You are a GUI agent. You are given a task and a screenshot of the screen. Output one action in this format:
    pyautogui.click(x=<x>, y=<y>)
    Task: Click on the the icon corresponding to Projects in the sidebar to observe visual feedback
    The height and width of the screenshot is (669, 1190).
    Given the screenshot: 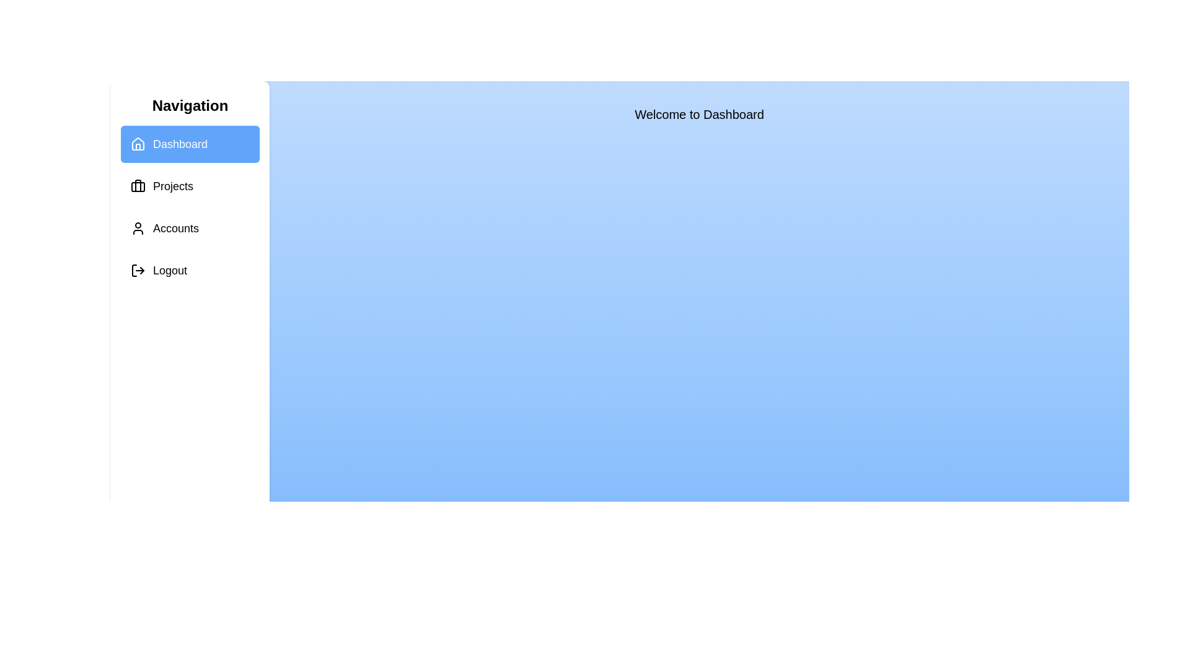 What is the action you would take?
    pyautogui.click(x=138, y=186)
    